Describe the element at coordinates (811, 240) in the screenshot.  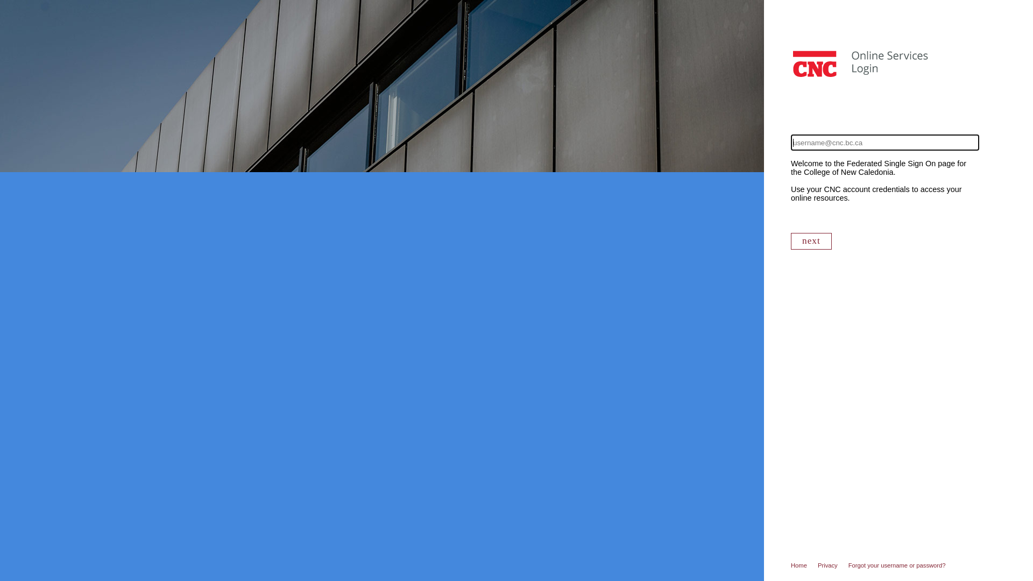
I see `'next'` at that location.